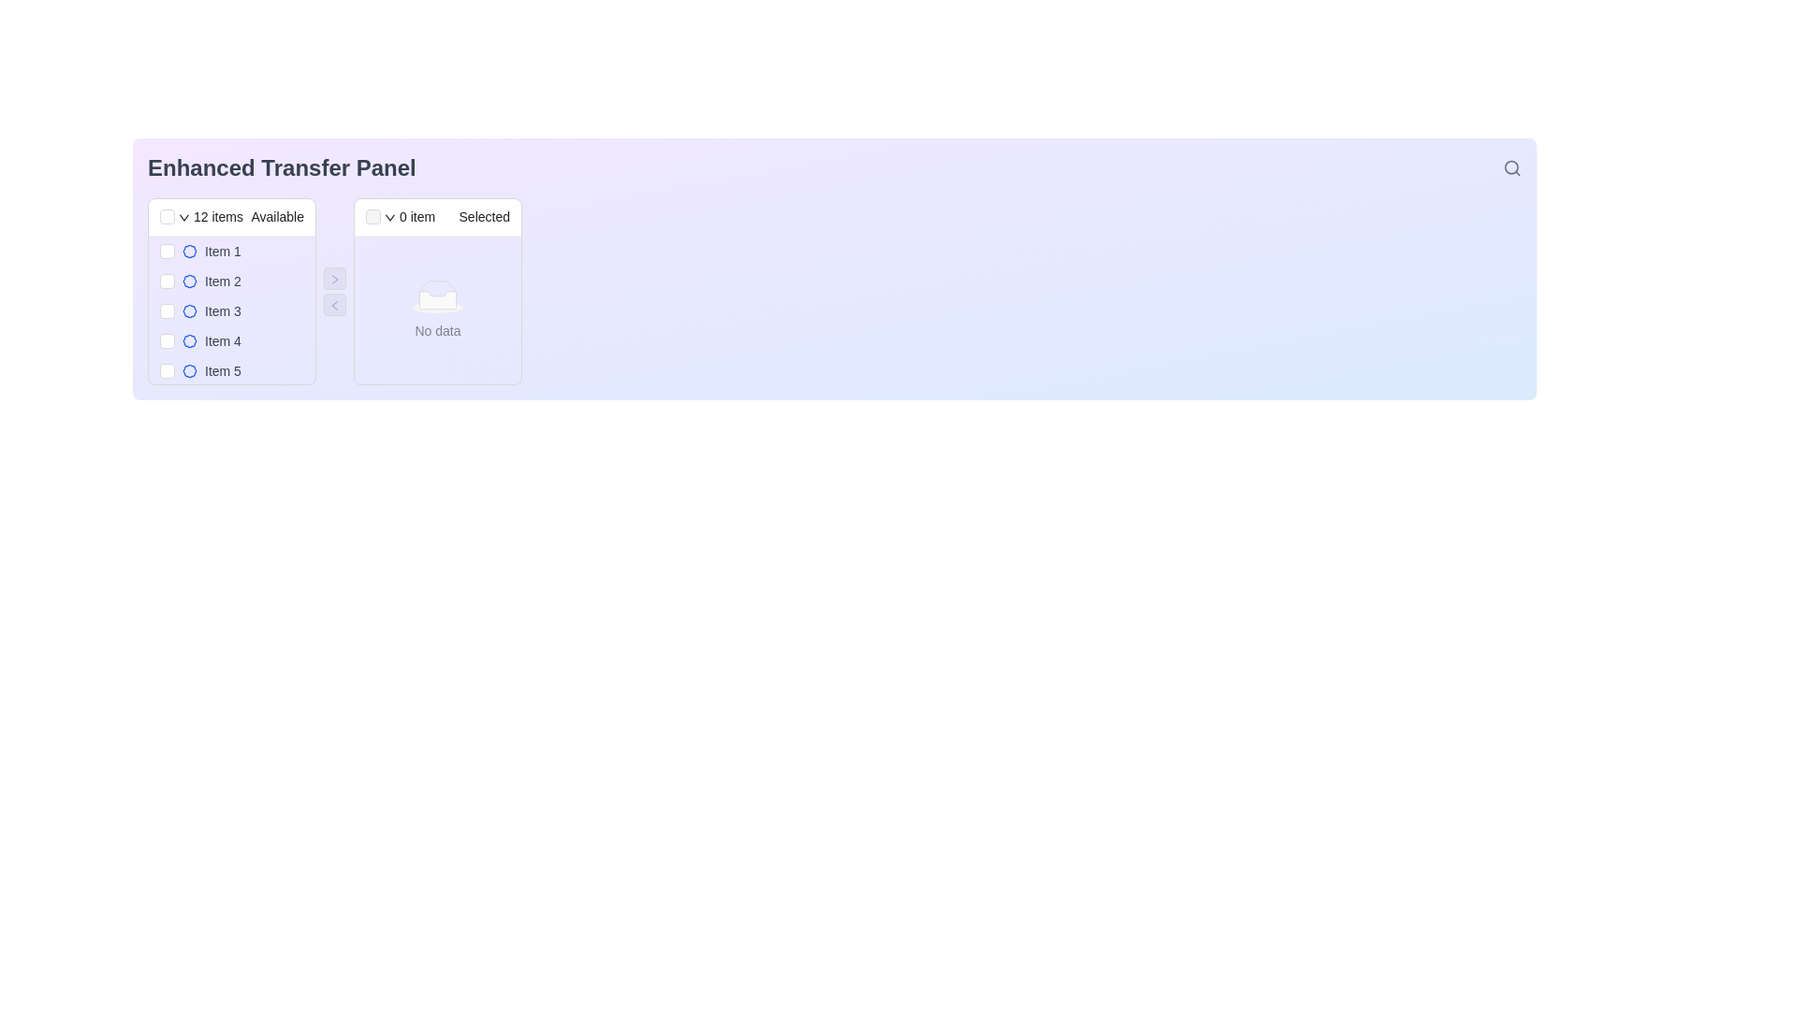  I want to click on the checkbox styled with the 'ant-checkbox-wrapper' class, which is positioned to the left of the 'Item 2' label in the 'Available' section of the 'Enhanced Transfer Panel', so click(167, 281).